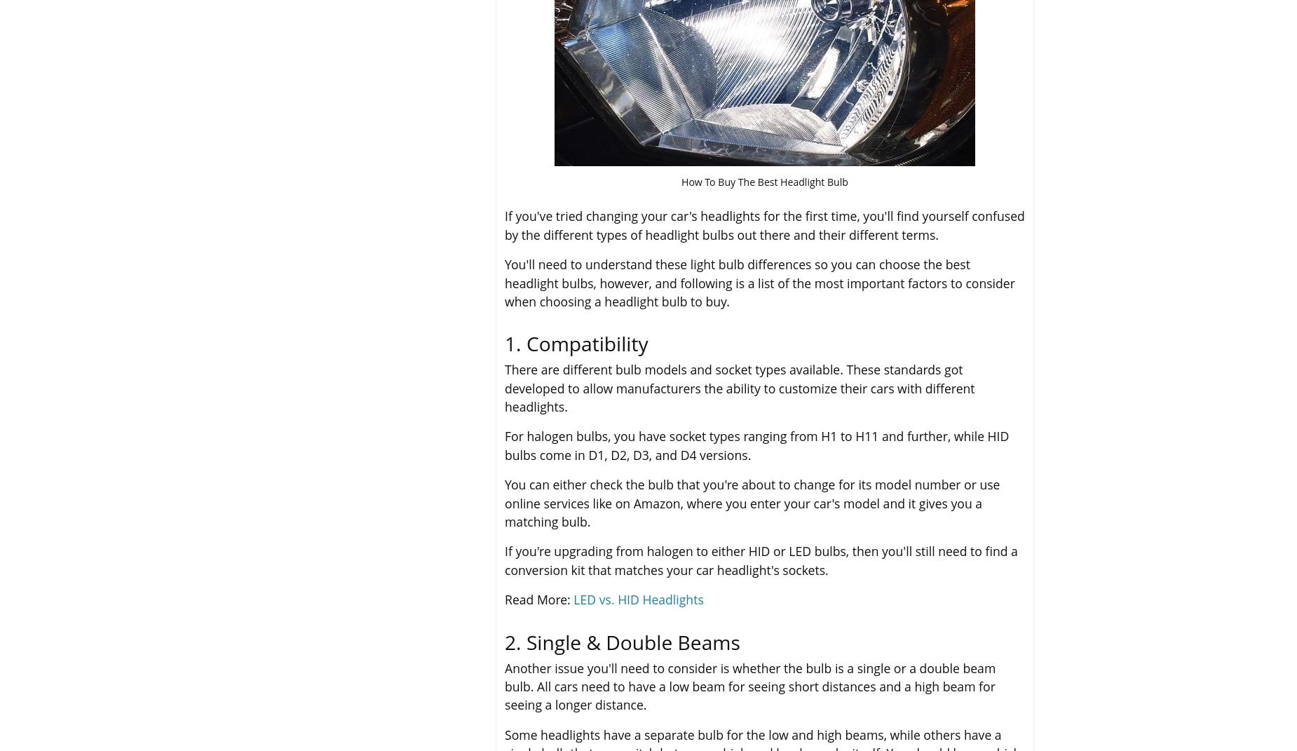  I want to click on 'If you're upgrading from halogen to either HID or LED bulbs, then you'll still need to find a conversion kit that matches your car headlight's sockets.', so click(760, 559).